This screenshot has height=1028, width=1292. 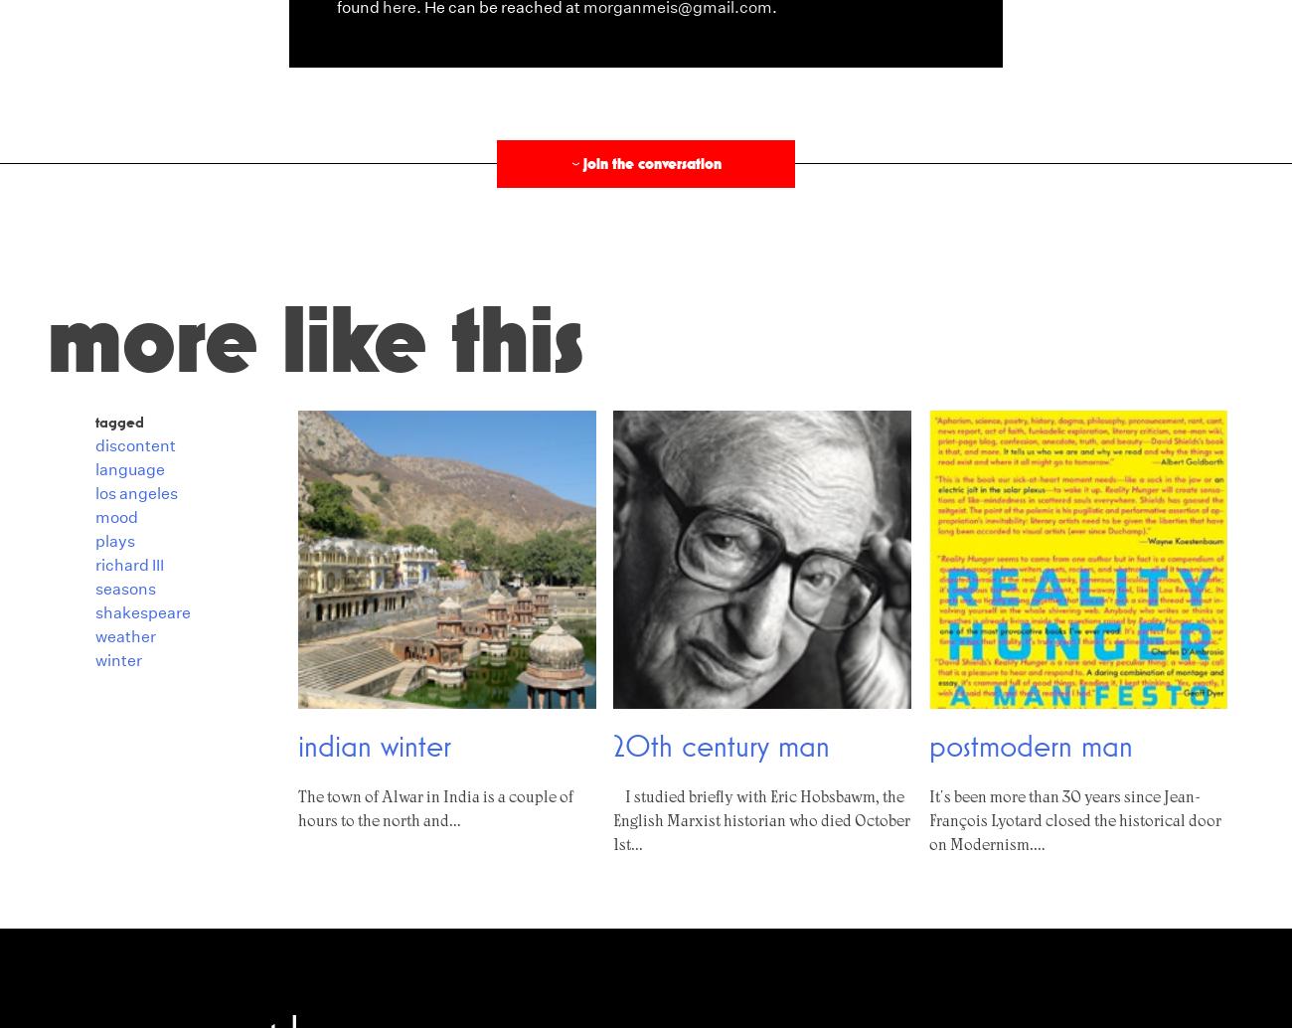 What do you see at coordinates (1030, 745) in the screenshot?
I see `'Postmodern Man'` at bounding box center [1030, 745].